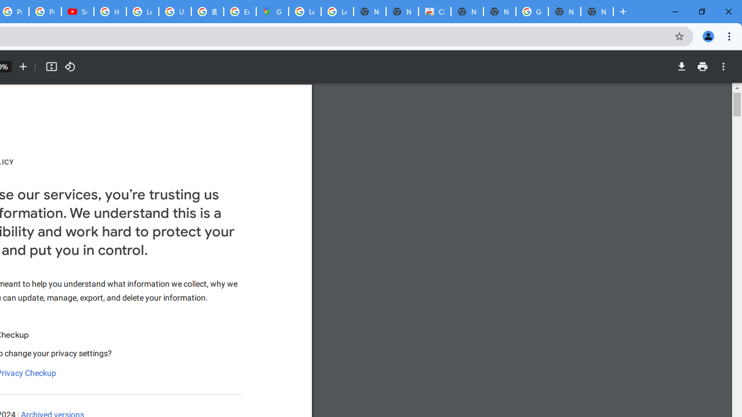 This screenshot has width=742, height=417. What do you see at coordinates (23, 67) in the screenshot?
I see `'Zoom in'` at bounding box center [23, 67].